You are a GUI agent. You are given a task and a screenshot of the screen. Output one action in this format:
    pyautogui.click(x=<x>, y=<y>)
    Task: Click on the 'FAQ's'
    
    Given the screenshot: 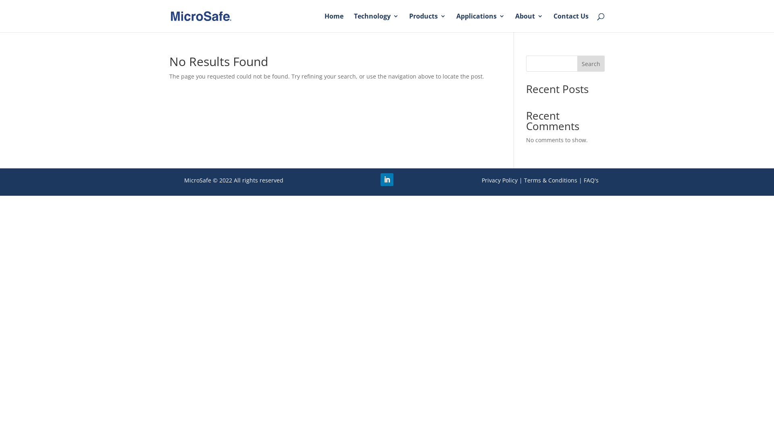 What is the action you would take?
    pyautogui.click(x=591, y=180)
    